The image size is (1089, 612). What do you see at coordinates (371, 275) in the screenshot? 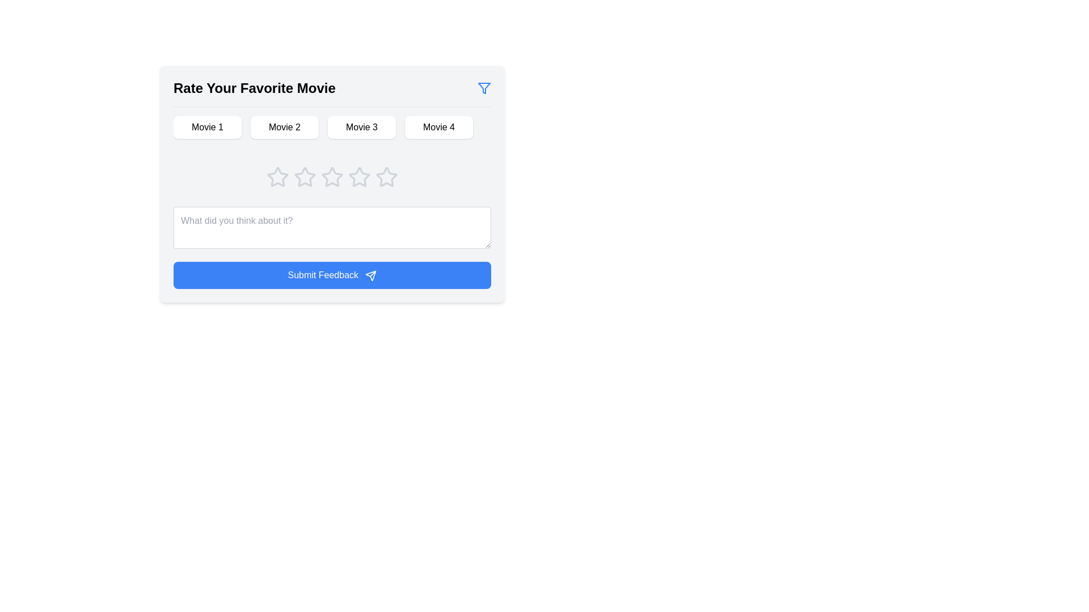
I see `the feedback submission icon located within the 'Submit Feedback' button at the bottom of the form` at bounding box center [371, 275].